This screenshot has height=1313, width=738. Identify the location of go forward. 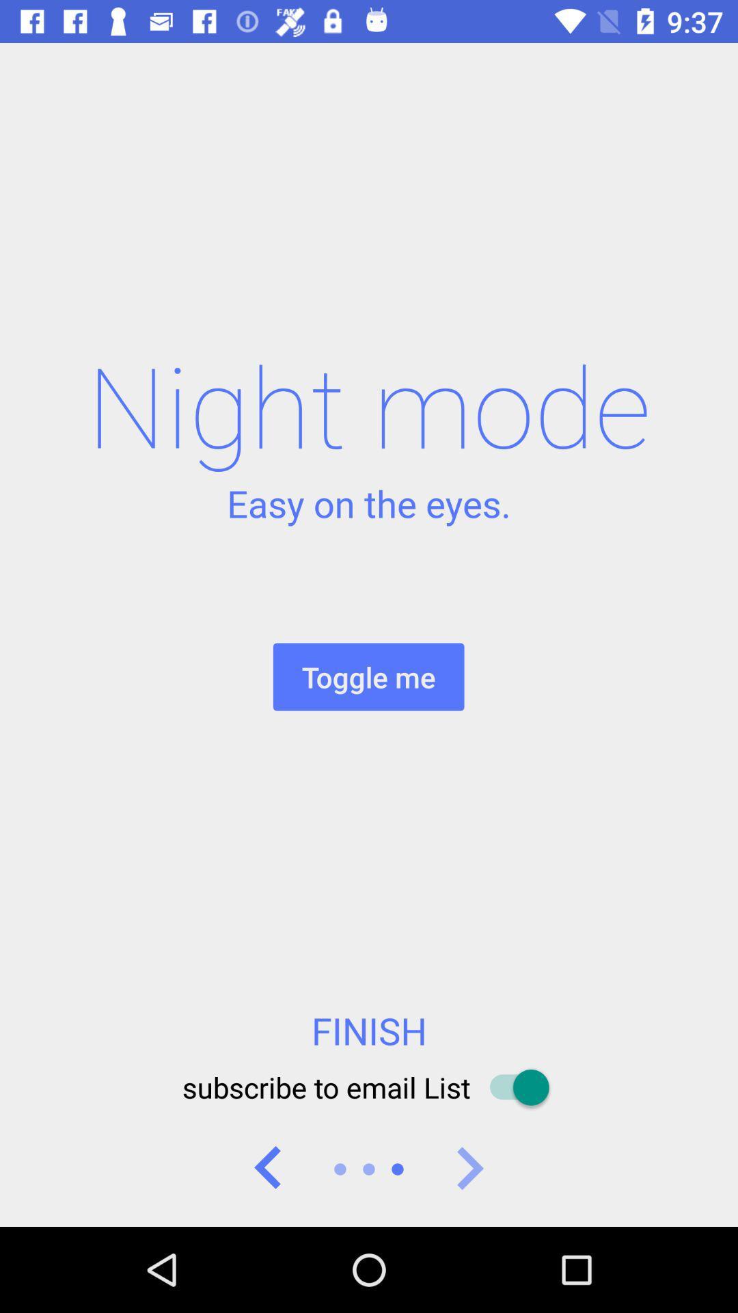
(468, 1168).